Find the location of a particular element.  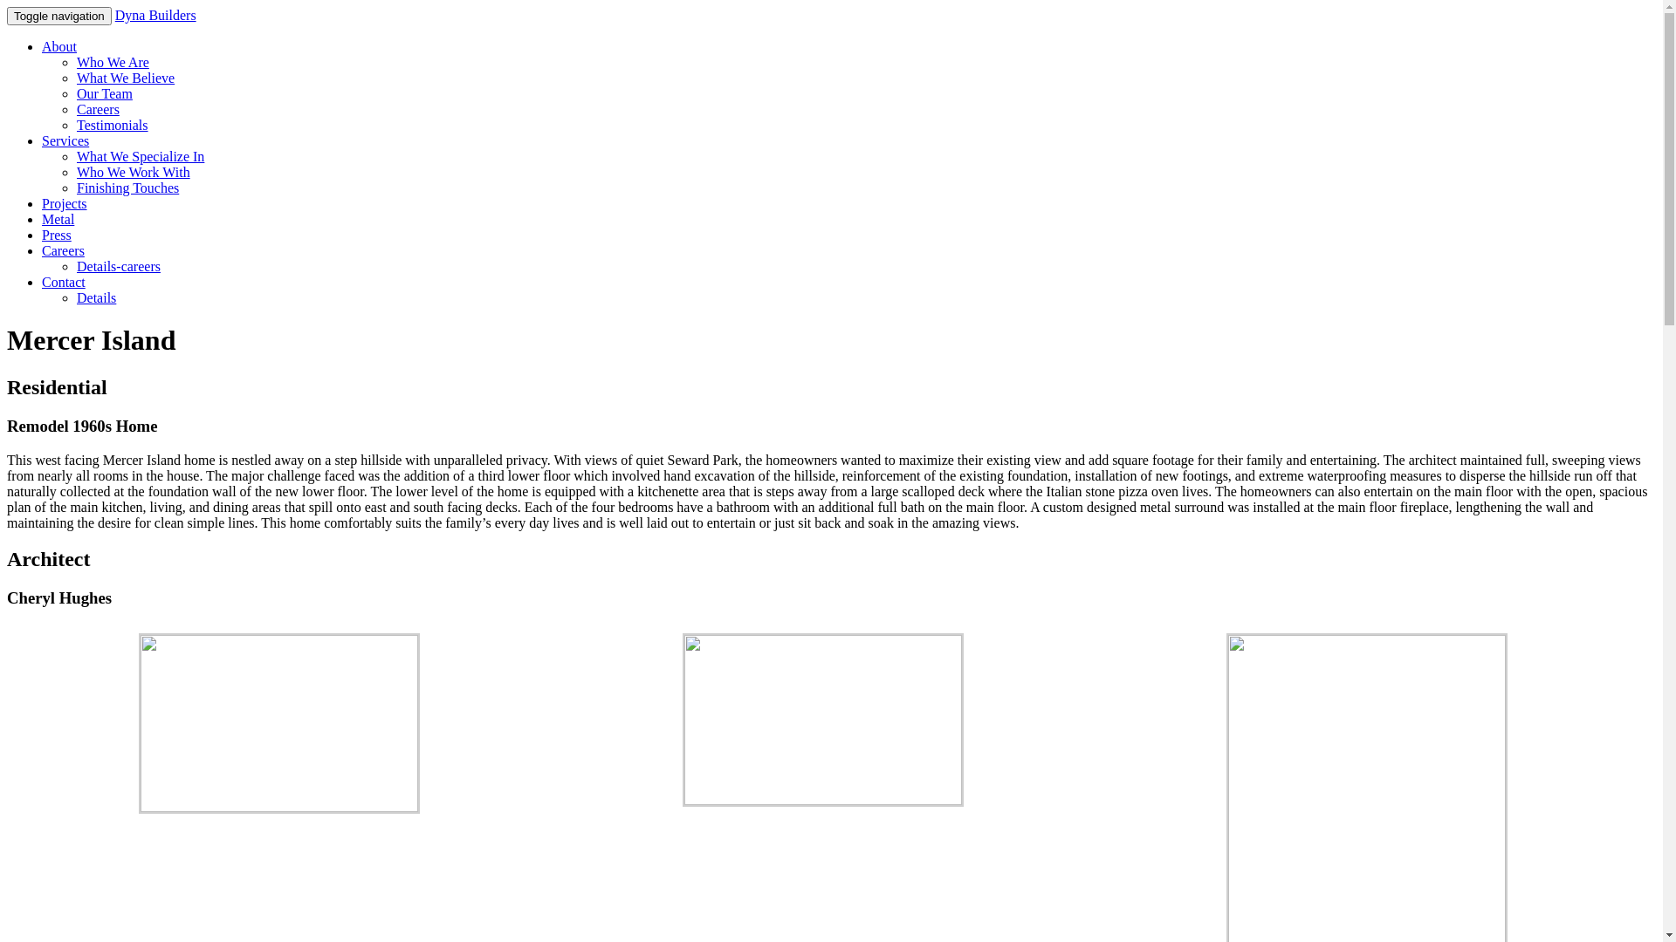

'Who We Are' is located at coordinates (112, 61).